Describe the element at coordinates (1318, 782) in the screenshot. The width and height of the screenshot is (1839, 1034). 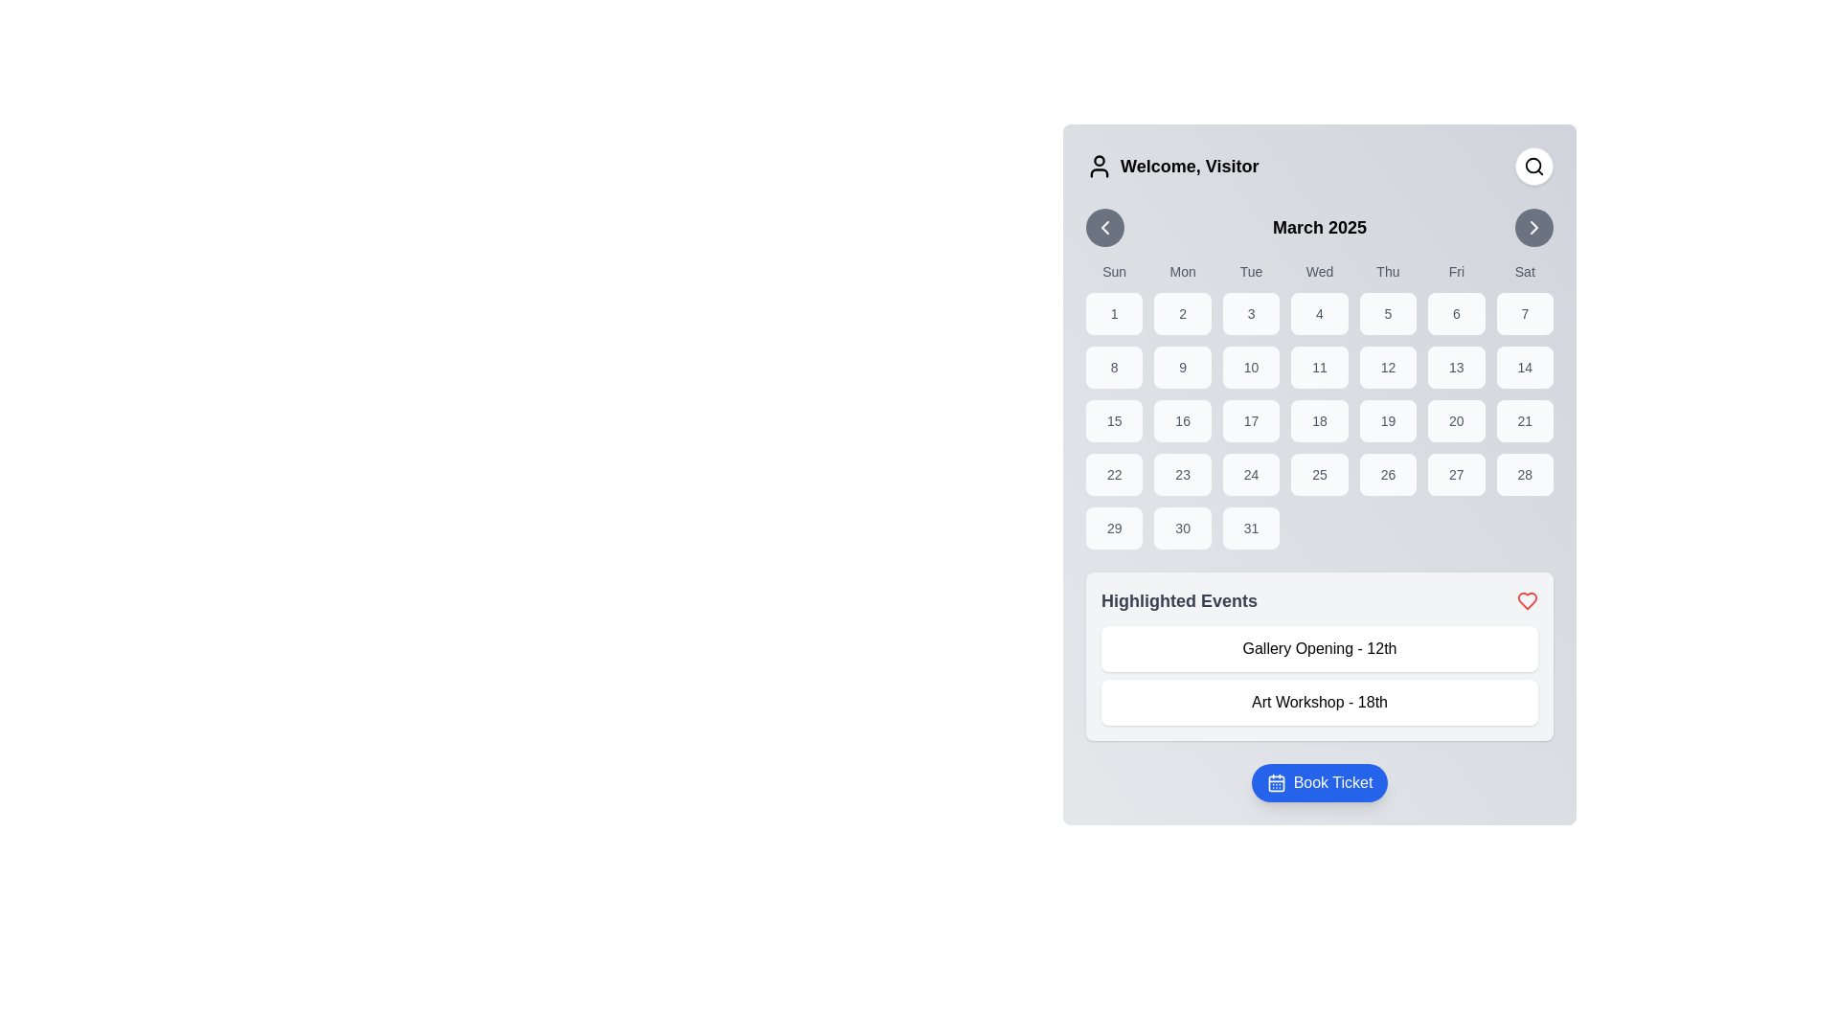
I see `the blue 'Book Ticket' button with rounded corners and a calendar icon` at that location.